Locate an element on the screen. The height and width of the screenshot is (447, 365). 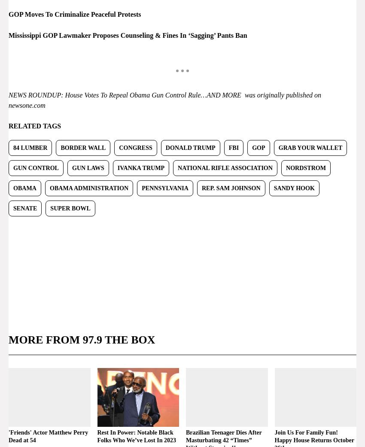
'FBI' is located at coordinates (233, 148).